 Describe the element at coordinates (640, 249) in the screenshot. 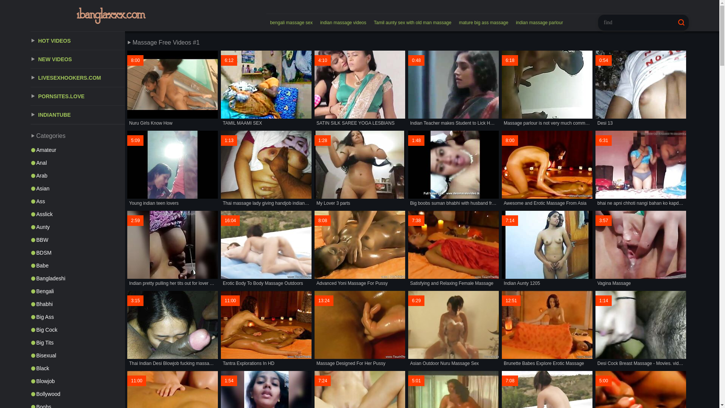

I see `'3:57` at that location.